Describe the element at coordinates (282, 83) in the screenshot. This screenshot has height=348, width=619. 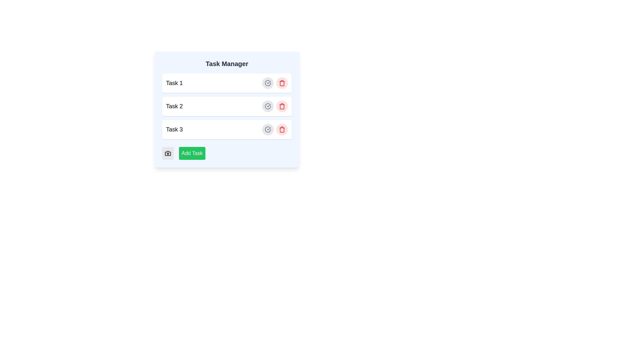
I see `the small, circular red delete button with a white trash can icon located on the rightmost edge of the first row in the task list` at that location.